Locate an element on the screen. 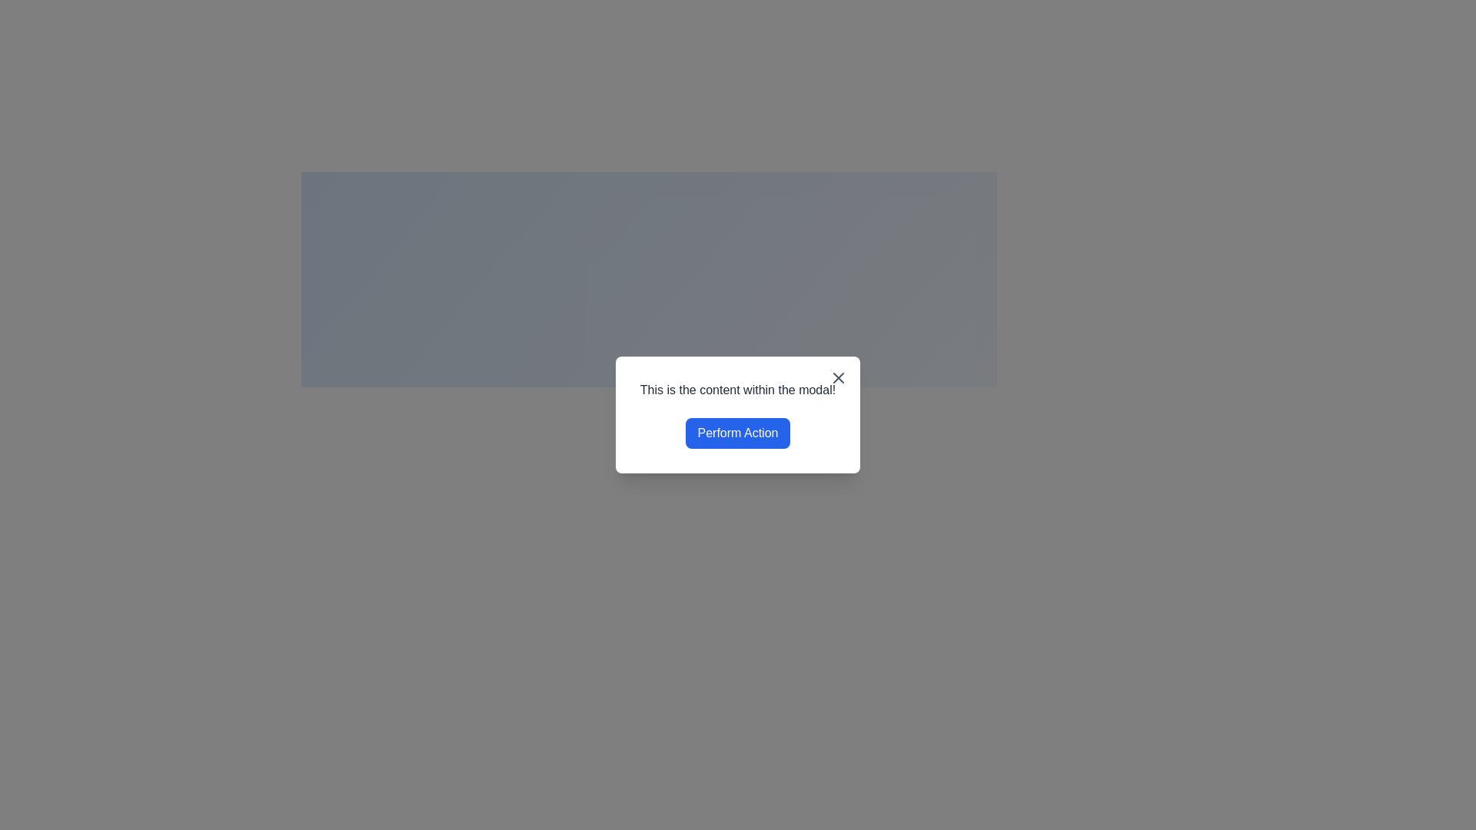  the close button represented by a cross (X) icon located in the top-right corner of the modal's header area is located at coordinates (838, 378).